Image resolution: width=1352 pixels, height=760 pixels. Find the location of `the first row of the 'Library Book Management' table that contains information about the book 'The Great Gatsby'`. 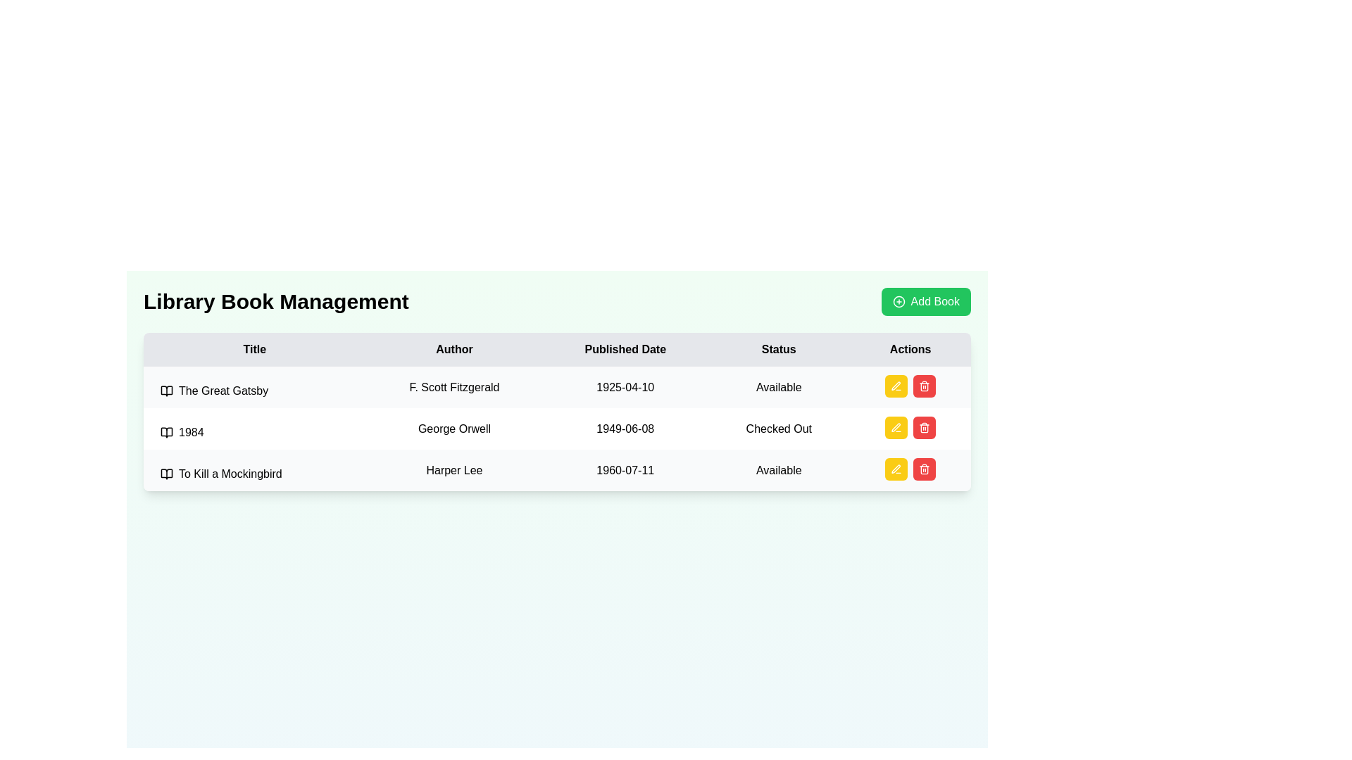

the first row of the 'Library Book Management' table that contains information about the book 'The Great Gatsby' is located at coordinates (556, 387).